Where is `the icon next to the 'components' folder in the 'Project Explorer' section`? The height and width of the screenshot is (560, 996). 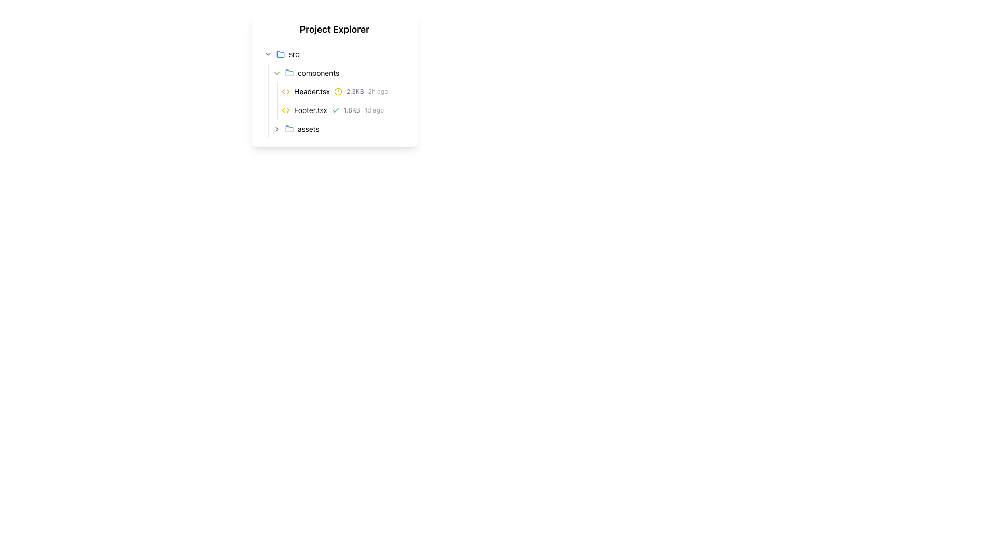
the icon next to the 'components' folder in the 'Project Explorer' section is located at coordinates (289, 72).